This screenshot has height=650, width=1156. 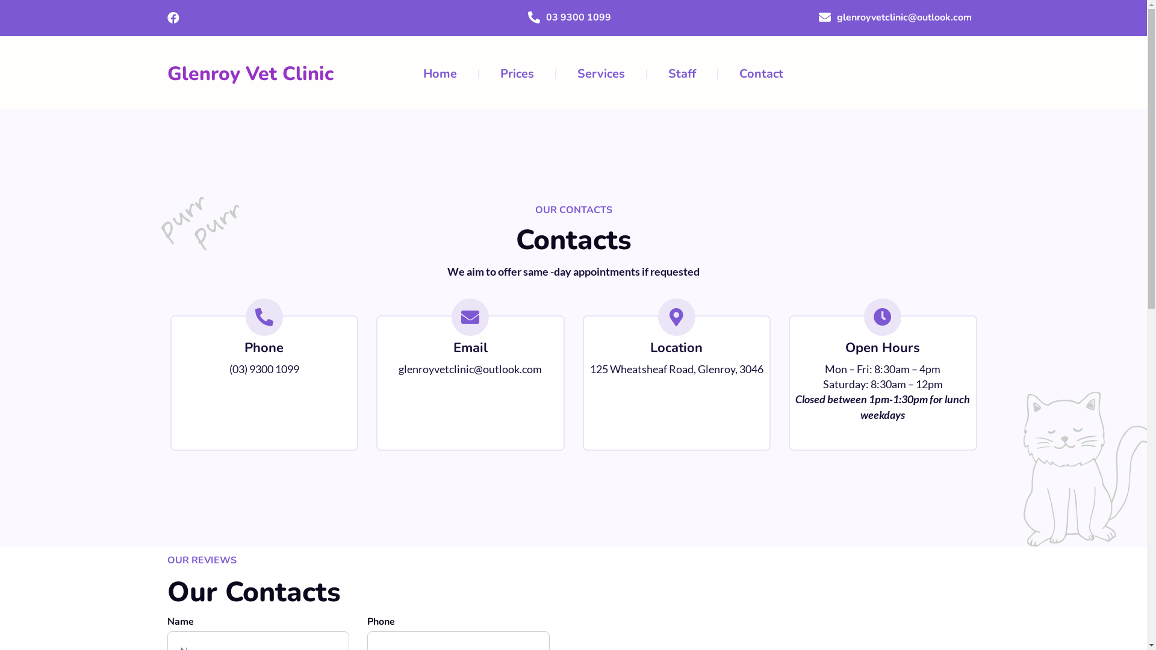 What do you see at coordinates (250, 73) in the screenshot?
I see `'Glenroy Vet Clinic'` at bounding box center [250, 73].